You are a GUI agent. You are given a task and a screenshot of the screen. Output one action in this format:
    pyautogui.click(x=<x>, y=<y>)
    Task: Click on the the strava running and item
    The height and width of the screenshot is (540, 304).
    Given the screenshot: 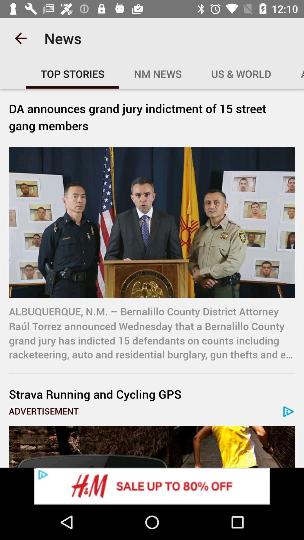 What is the action you would take?
    pyautogui.click(x=152, y=394)
    